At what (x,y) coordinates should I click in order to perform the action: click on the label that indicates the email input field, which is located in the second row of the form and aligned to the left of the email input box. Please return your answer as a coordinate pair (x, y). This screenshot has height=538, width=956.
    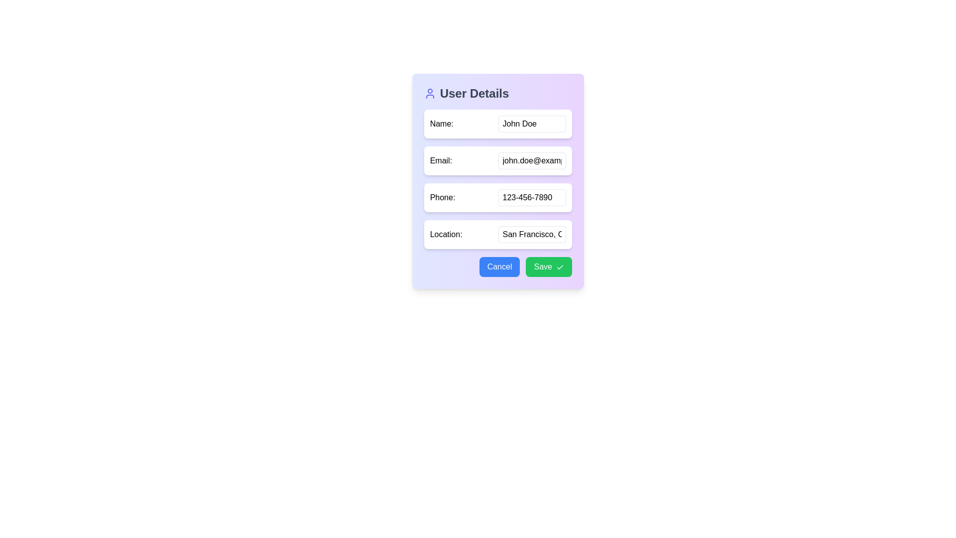
    Looking at the image, I should click on (440, 160).